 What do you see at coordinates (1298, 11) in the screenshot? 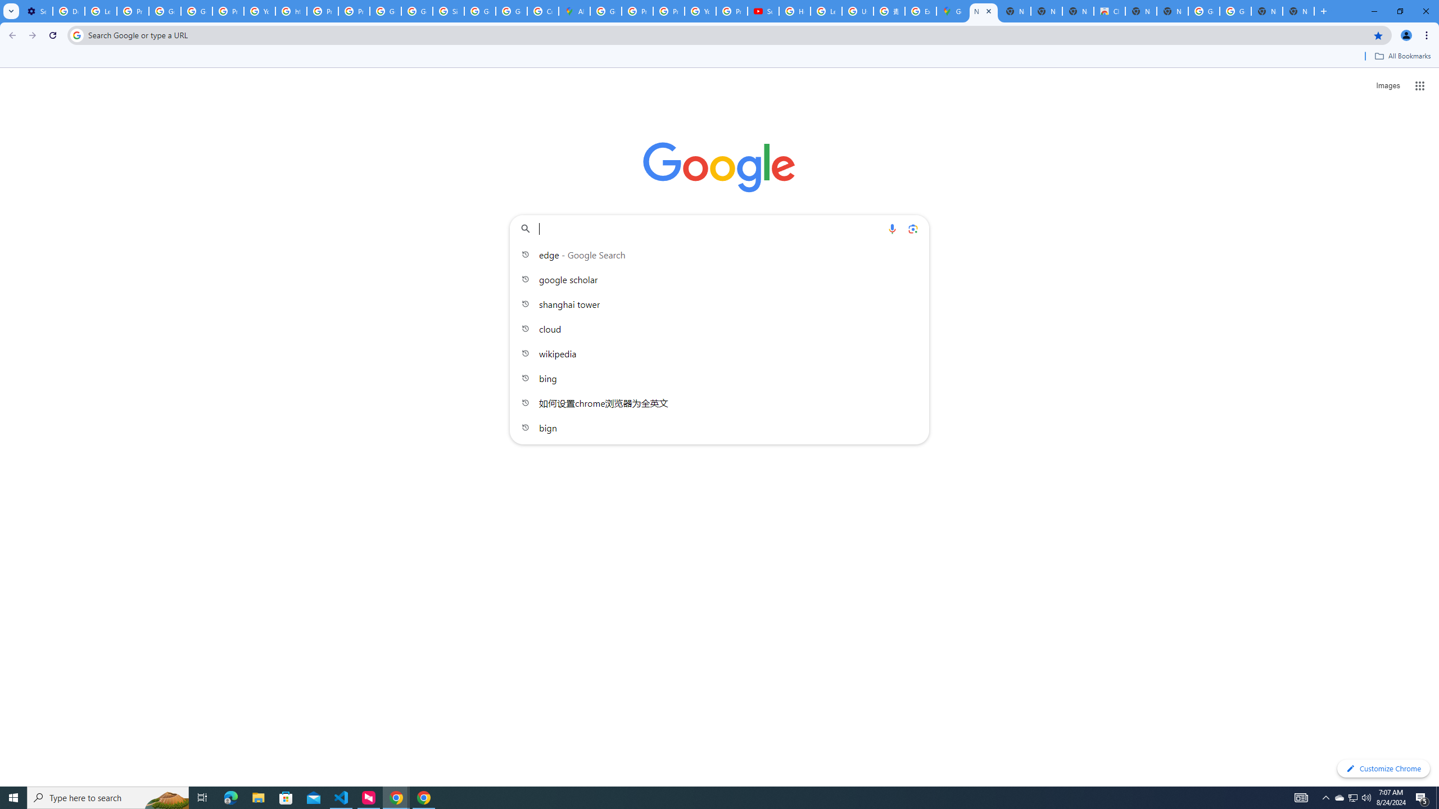
I see `'New Tab'` at bounding box center [1298, 11].